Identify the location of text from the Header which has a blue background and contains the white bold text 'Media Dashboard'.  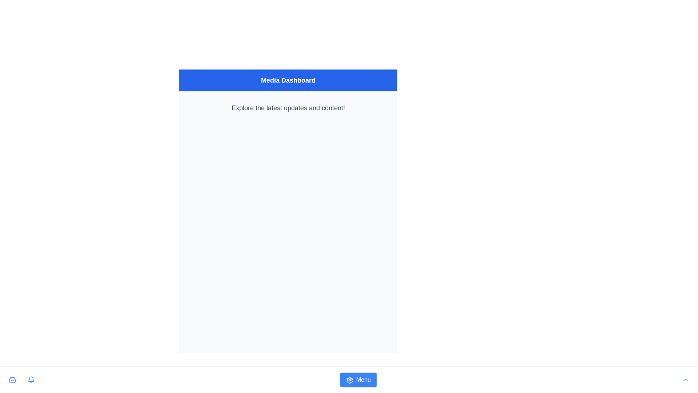
(288, 80).